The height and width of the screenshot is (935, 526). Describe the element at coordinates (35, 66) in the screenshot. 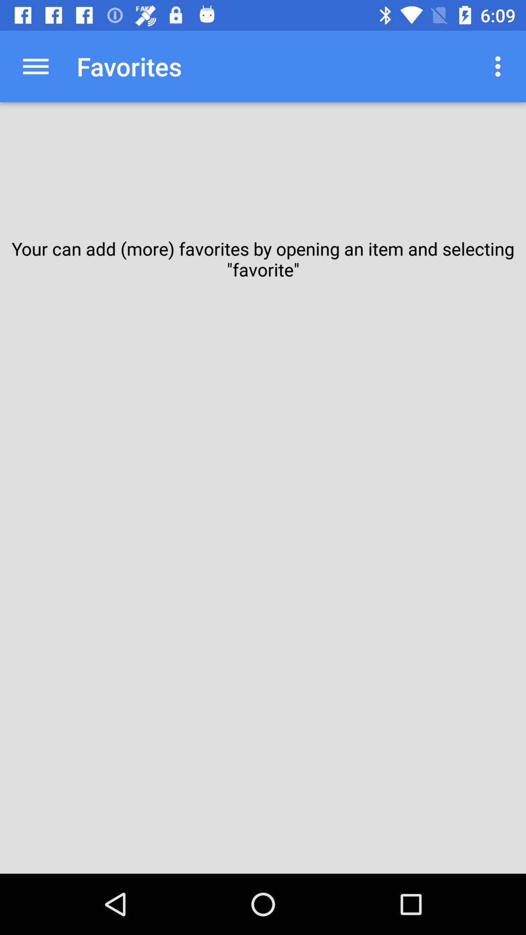

I see `the icon to the left of favorites icon` at that location.